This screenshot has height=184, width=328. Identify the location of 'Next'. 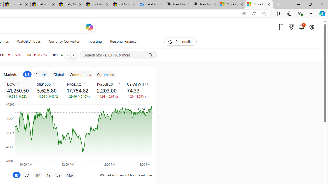
(73, 55).